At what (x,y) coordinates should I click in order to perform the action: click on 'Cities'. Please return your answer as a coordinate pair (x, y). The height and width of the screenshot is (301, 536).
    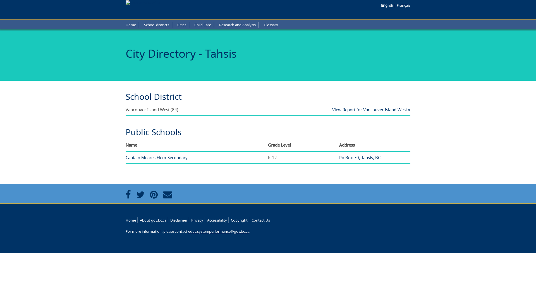
    Looking at the image, I should click on (182, 24).